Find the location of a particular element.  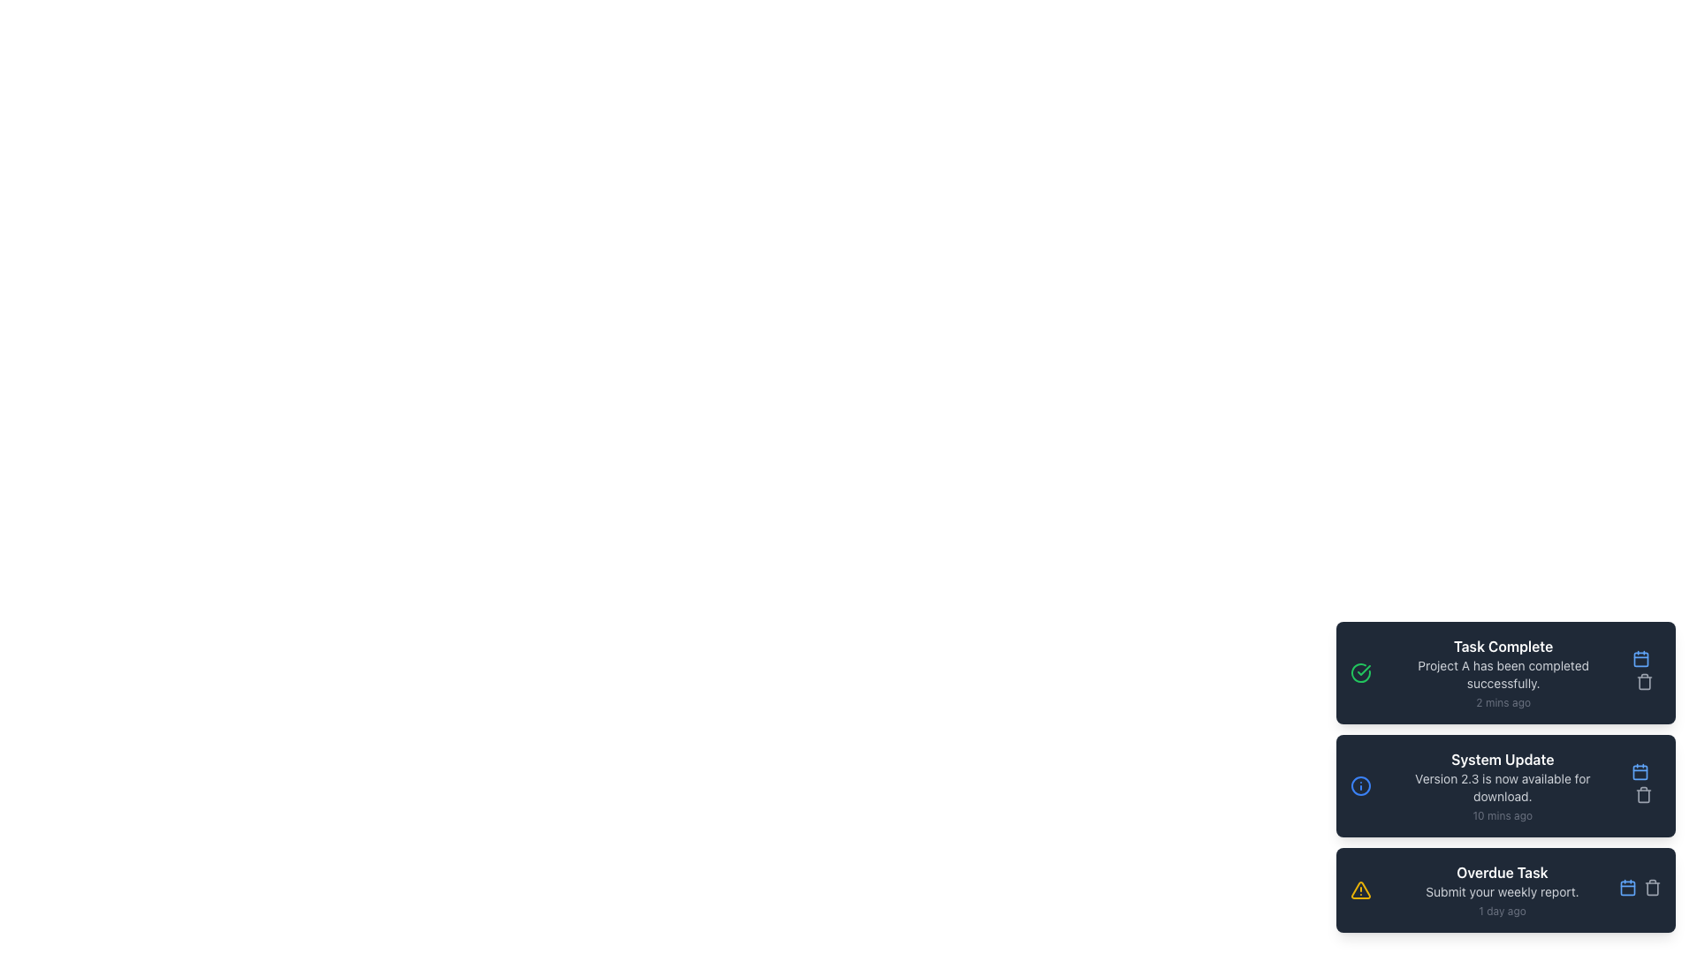

the 'Overdue Task' text label, which is prominently displayed in white on a dark background inside the third notification block is located at coordinates (1501, 871).